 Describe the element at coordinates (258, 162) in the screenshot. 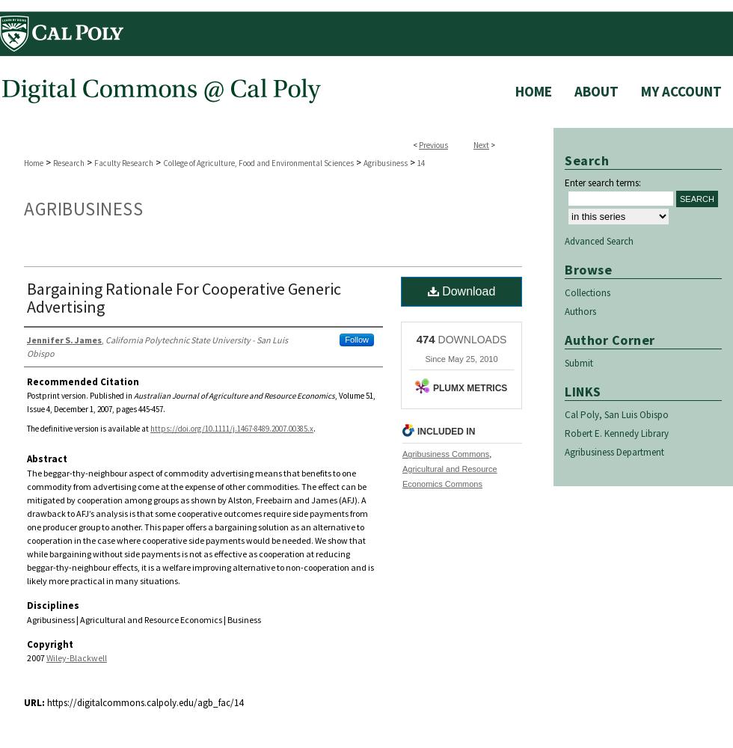

I see `'College of Agriculture, Food and Environmental Sciences'` at that location.